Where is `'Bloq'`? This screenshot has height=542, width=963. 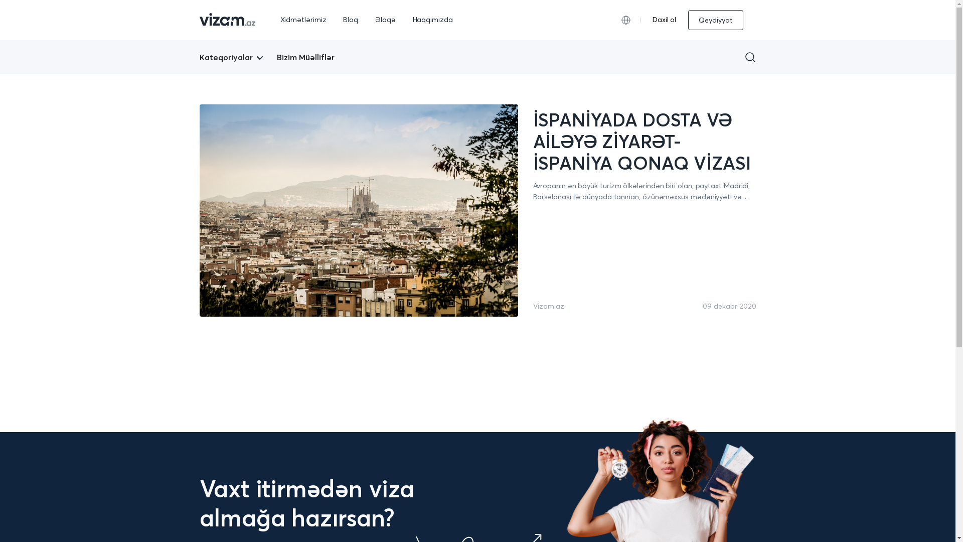 'Bloq' is located at coordinates (351, 20).